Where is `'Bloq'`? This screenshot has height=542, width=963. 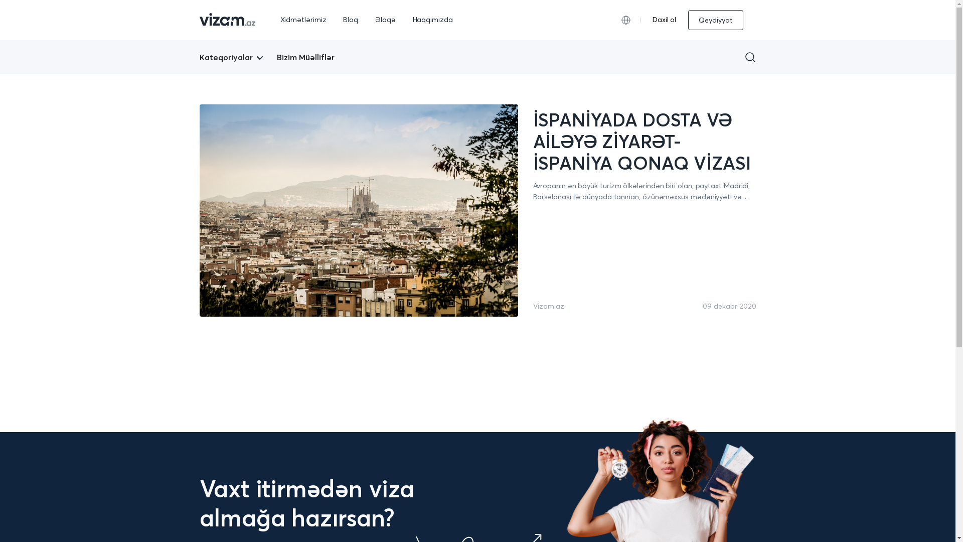 'Bloq' is located at coordinates (351, 20).